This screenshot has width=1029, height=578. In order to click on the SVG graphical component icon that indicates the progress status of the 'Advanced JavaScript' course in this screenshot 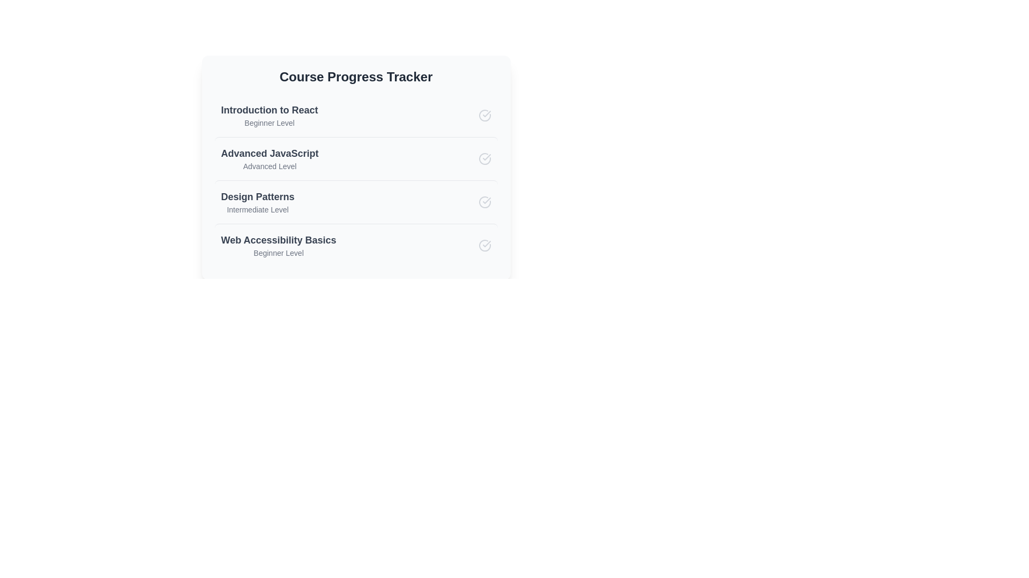, I will do `click(483, 158)`.